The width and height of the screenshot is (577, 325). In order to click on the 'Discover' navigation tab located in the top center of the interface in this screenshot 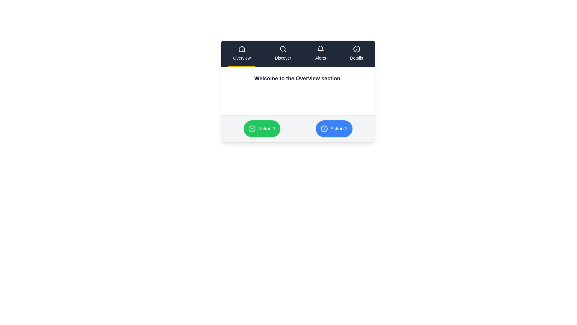, I will do `click(282, 53)`.